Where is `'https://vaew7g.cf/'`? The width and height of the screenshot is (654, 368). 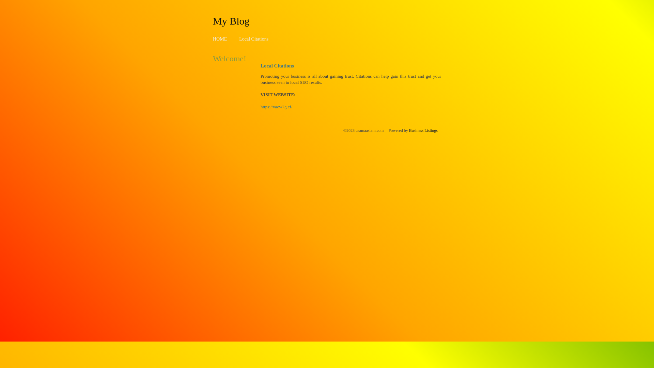 'https://vaew7g.cf/' is located at coordinates (276, 107).